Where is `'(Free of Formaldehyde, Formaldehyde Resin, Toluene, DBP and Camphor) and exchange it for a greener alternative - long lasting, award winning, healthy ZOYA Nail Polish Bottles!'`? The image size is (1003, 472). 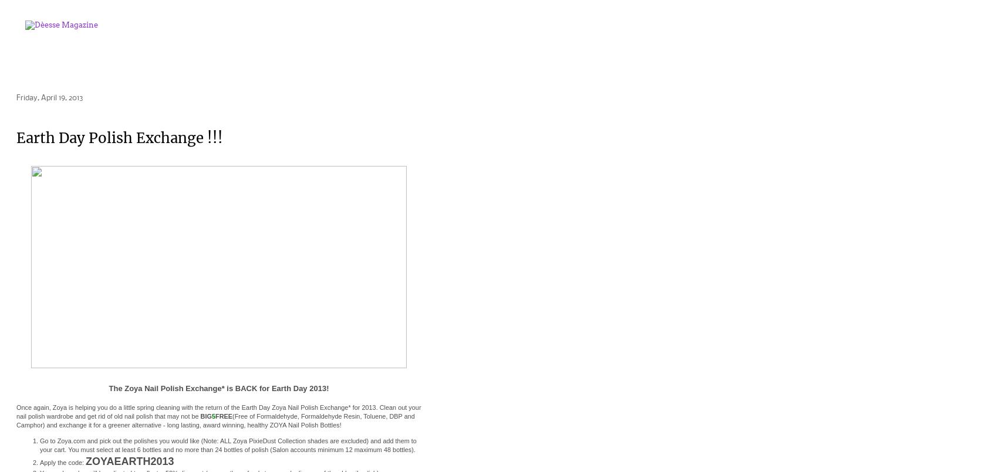 '(Free of Formaldehyde, Formaldehyde Resin, Toluene, DBP and Camphor) and exchange it for a greener alternative - long lasting, award winning, healthy ZOYA Nail Polish Bottles!' is located at coordinates (214, 420).